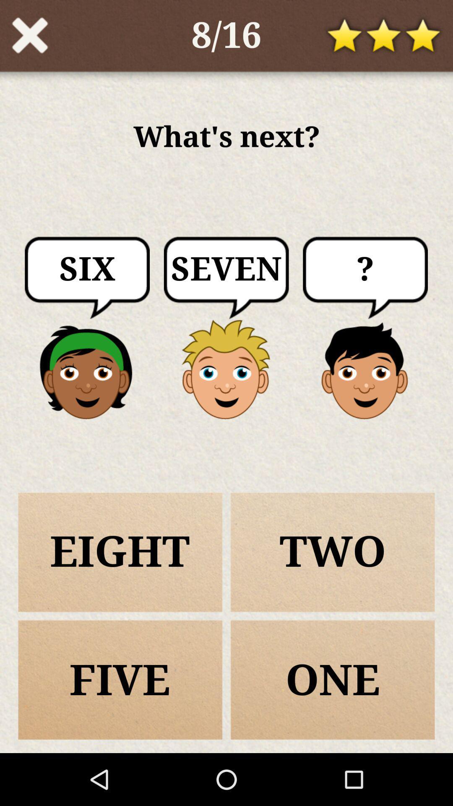 This screenshot has width=453, height=806. Describe the element at coordinates (29, 37) in the screenshot. I see `the close icon` at that location.